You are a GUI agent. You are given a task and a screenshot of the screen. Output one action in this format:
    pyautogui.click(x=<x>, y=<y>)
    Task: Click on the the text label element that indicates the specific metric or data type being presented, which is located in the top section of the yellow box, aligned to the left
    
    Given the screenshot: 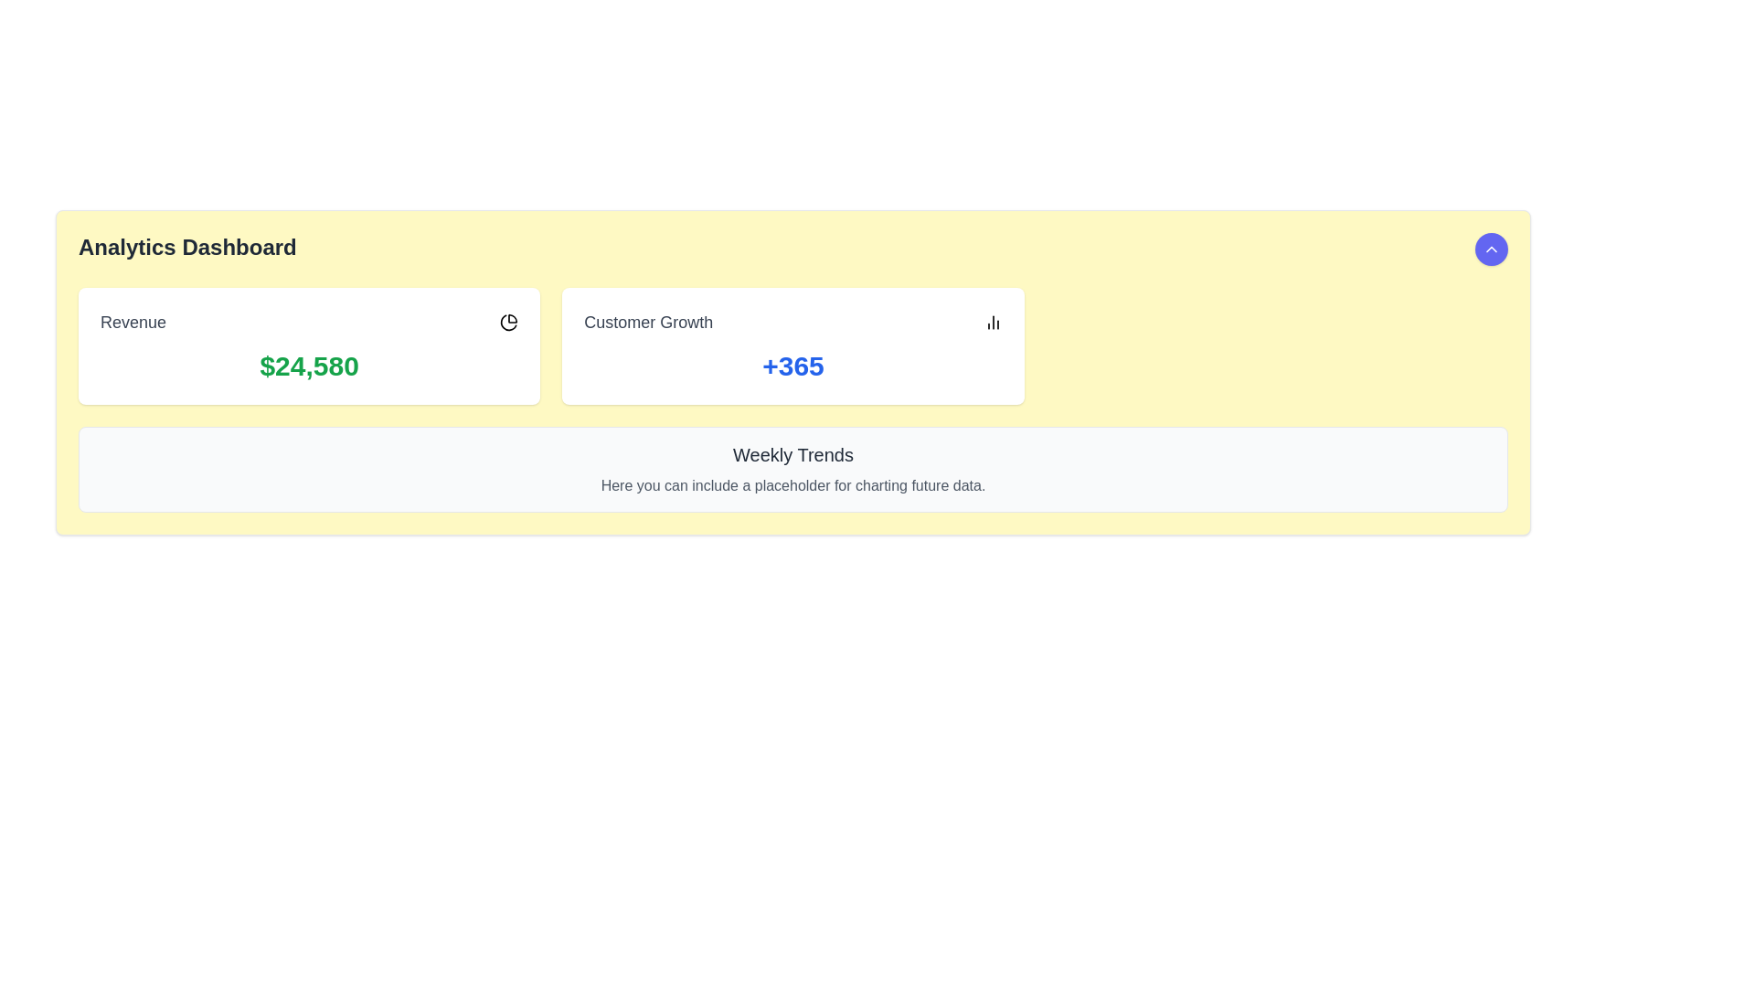 What is the action you would take?
    pyautogui.click(x=648, y=322)
    